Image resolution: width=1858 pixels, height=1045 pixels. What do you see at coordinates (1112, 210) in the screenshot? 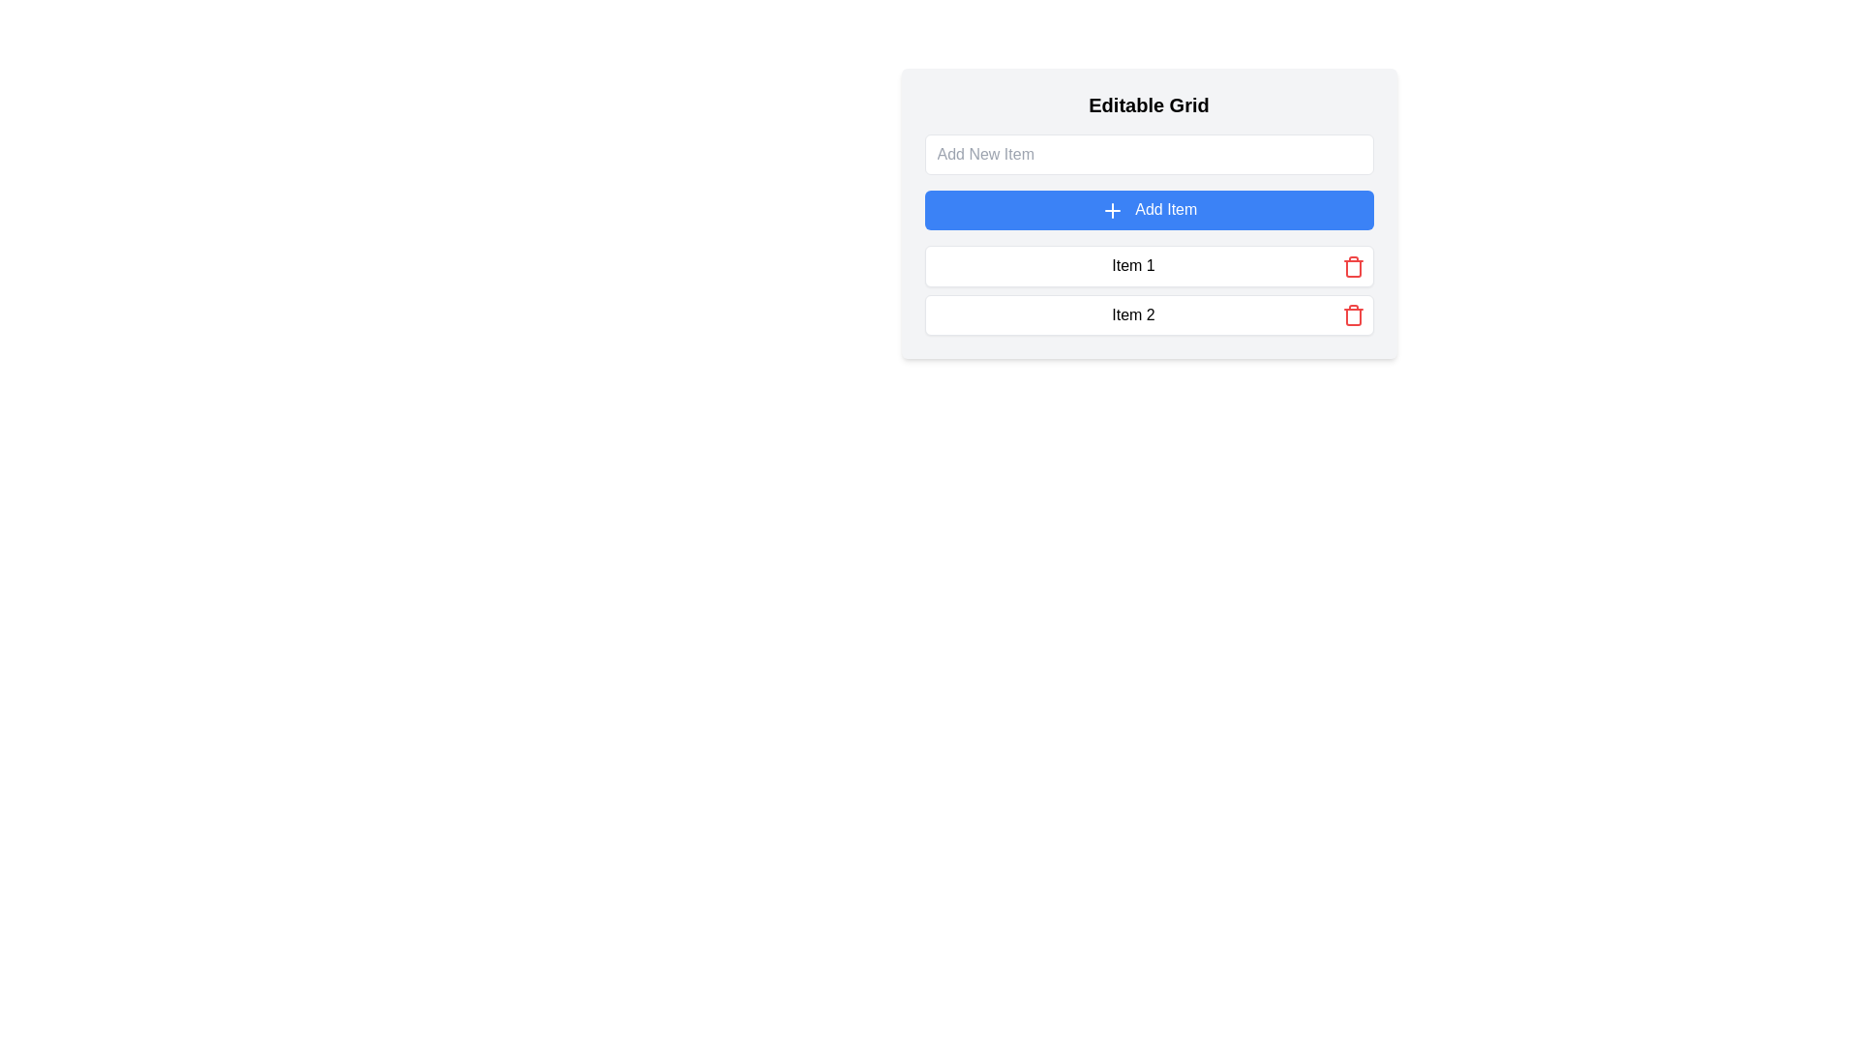
I see `the plus sign icon located inside the blue 'Add Item' button, which is positioned to the left of the text 'Add Item'` at bounding box center [1112, 210].